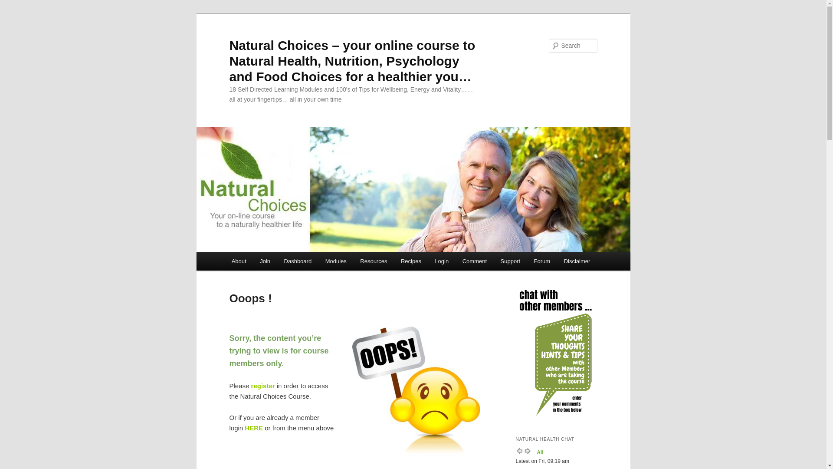  I want to click on 'All', so click(539, 452).